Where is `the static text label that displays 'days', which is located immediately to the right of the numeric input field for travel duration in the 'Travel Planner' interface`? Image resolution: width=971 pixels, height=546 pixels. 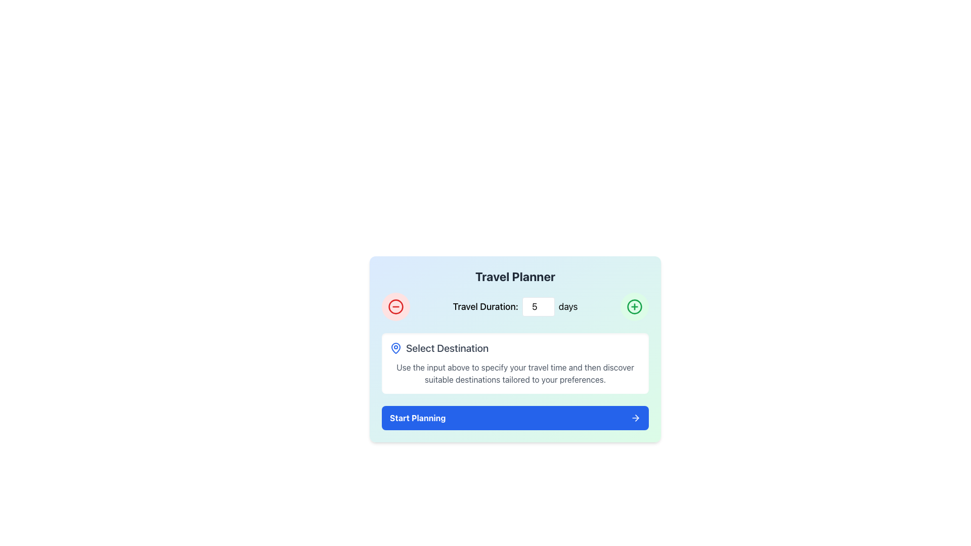 the static text label that displays 'days', which is located immediately to the right of the numeric input field for travel duration in the 'Travel Planner' interface is located at coordinates (568, 306).